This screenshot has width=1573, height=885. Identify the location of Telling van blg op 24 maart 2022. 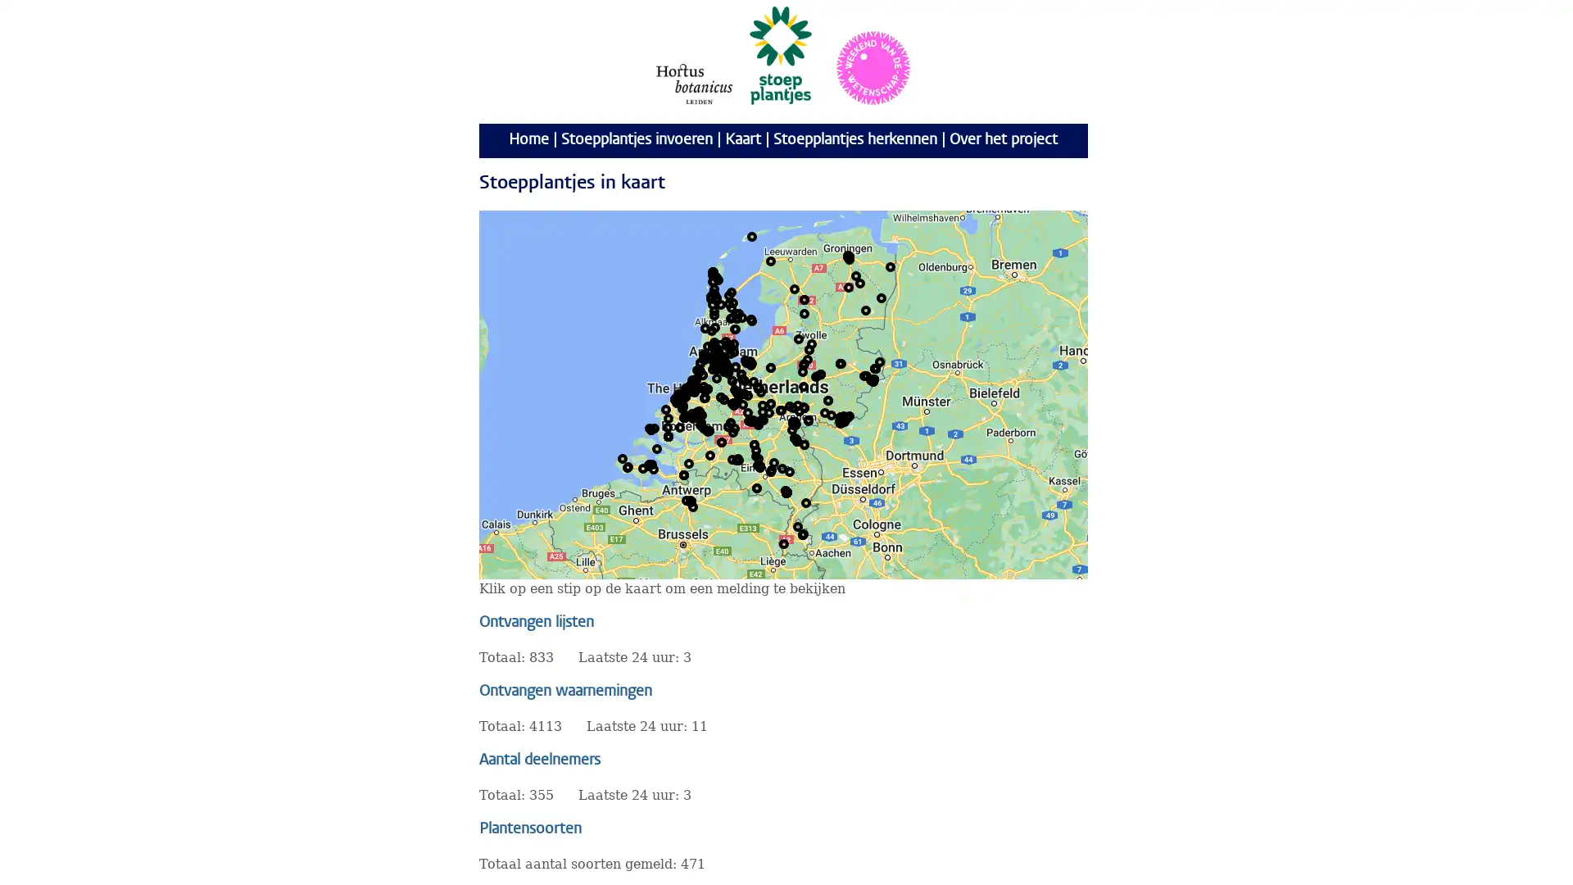
(715, 363).